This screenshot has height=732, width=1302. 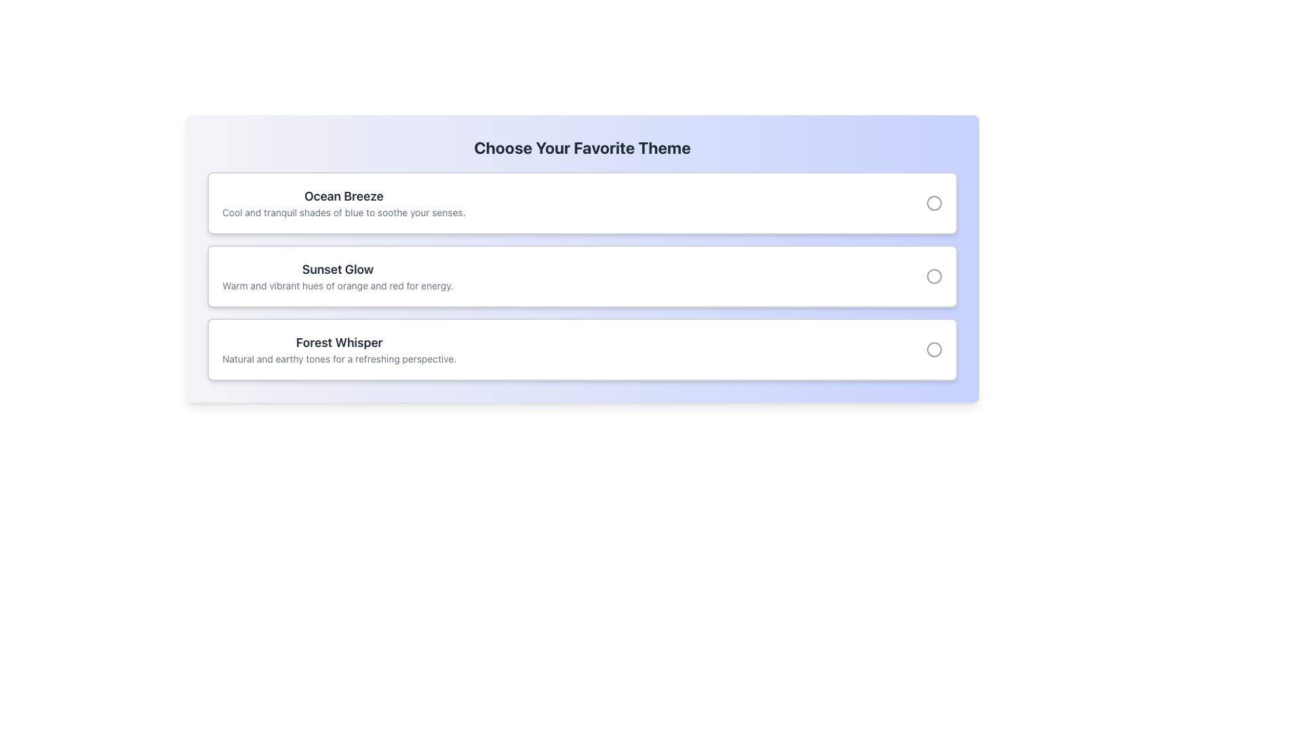 I want to click on the radio button with a gray border and white fill located near the right edge of the 'Sunset Glow' option in the 'Choose Your Favorite Theme' interface, so click(x=933, y=276).